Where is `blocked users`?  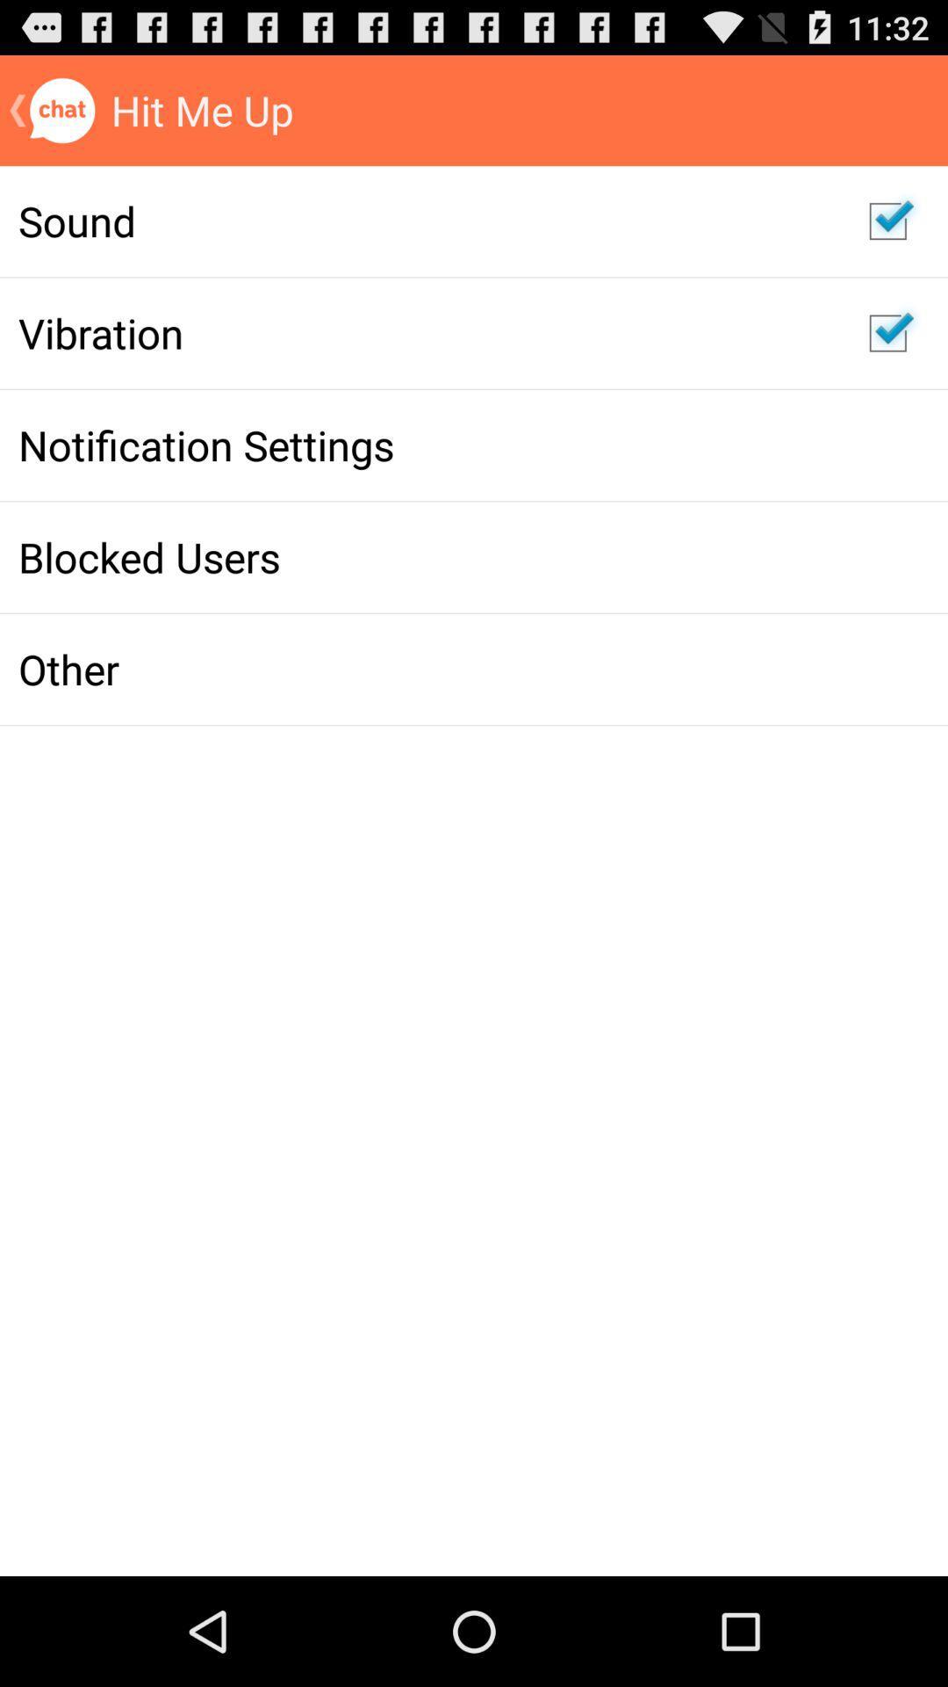 blocked users is located at coordinates (425, 556).